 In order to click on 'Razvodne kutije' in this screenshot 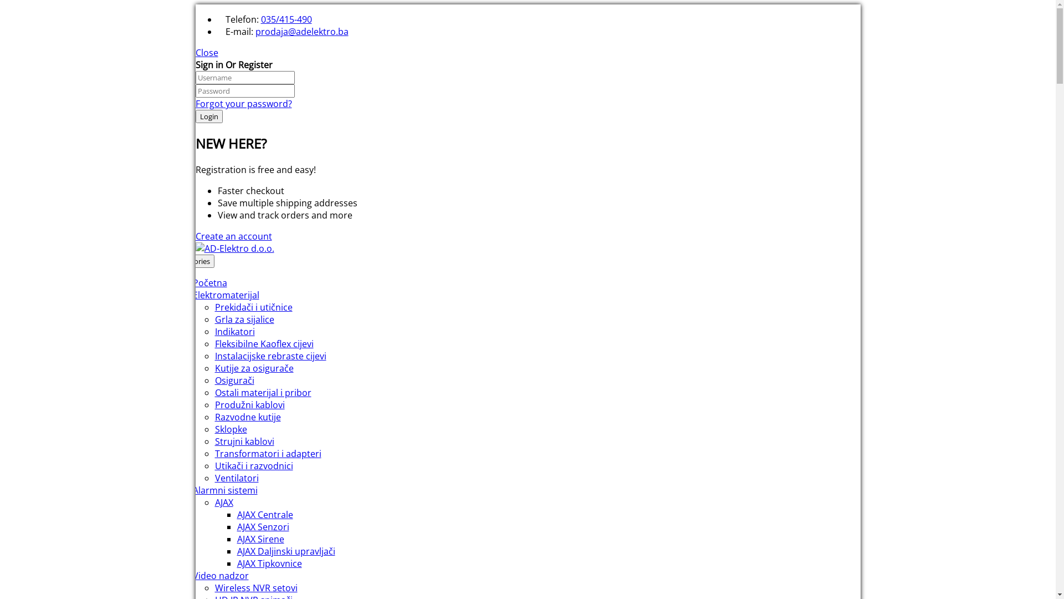, I will do `click(247, 417)`.